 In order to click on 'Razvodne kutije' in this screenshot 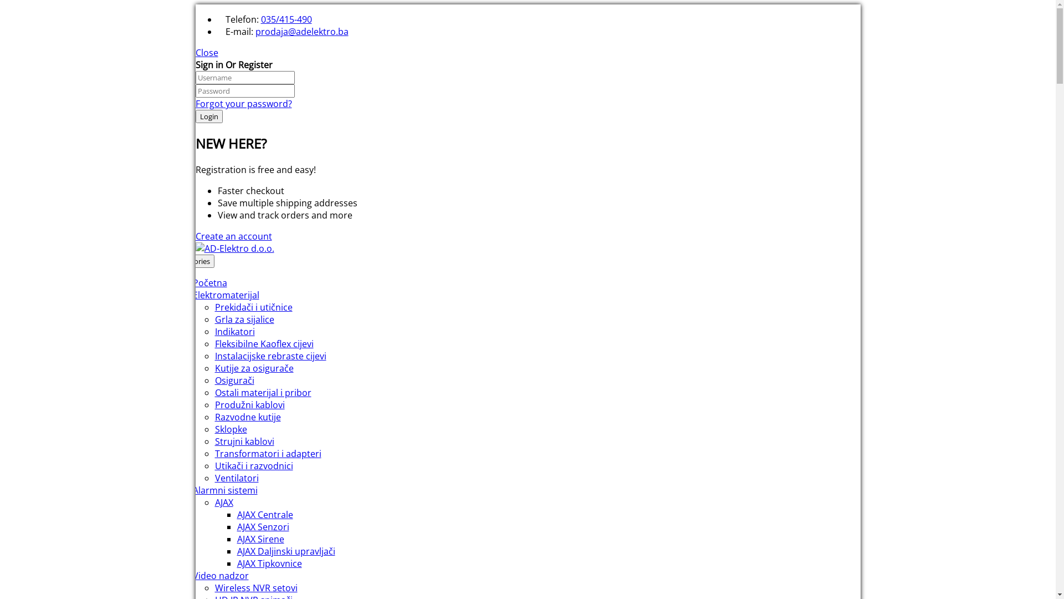, I will do `click(247, 417)`.